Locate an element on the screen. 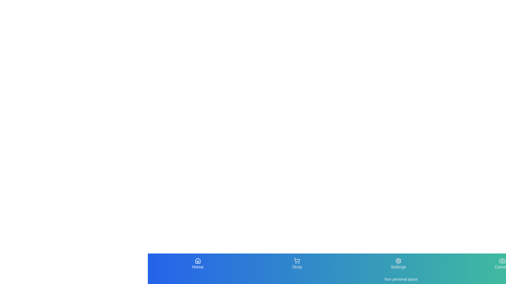 Image resolution: width=506 pixels, height=284 pixels. the Camera navigation tab by clicking on it is located at coordinates (502, 264).